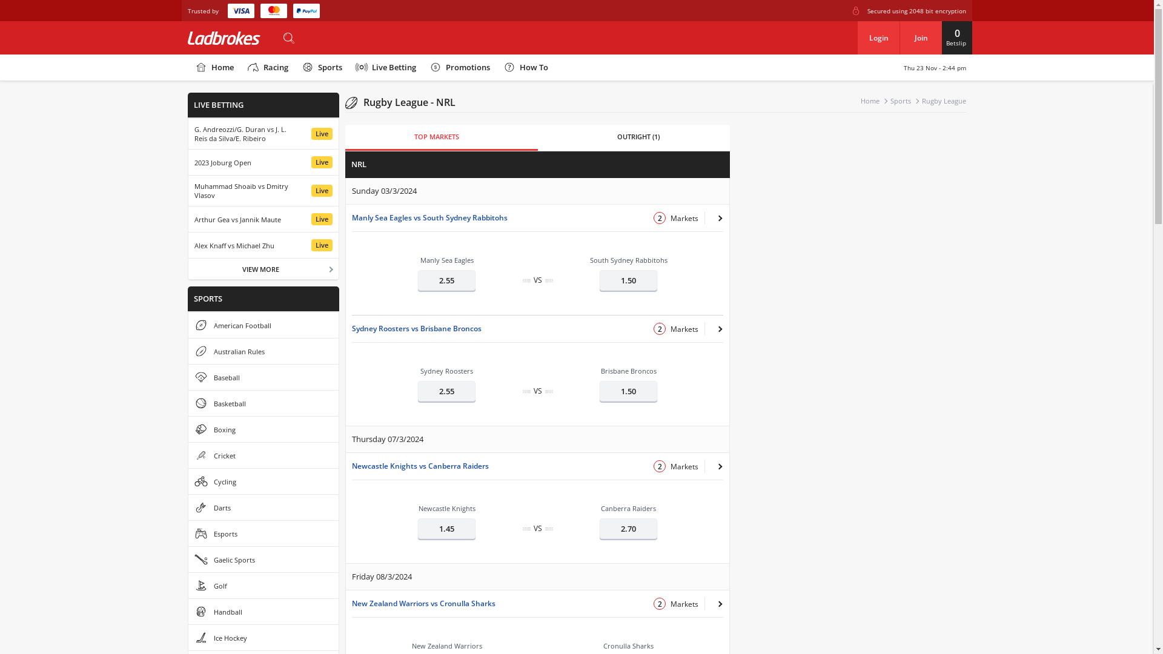  Describe the element at coordinates (263, 191) in the screenshot. I see `'Muhammad Shoaib vs Dmitry Vlasov` at that location.